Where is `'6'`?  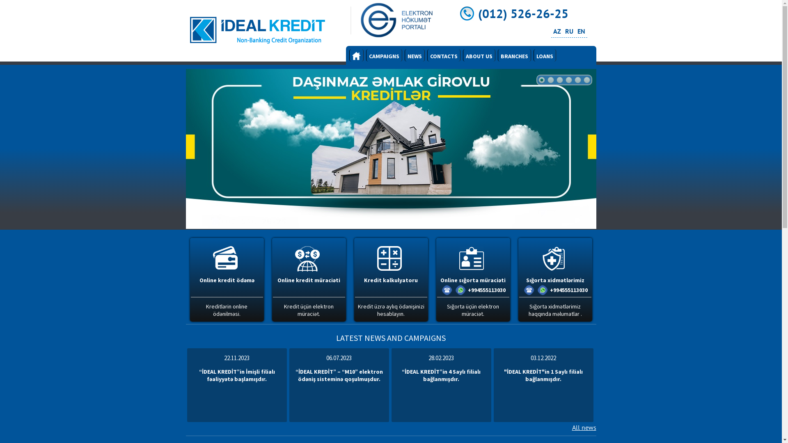
'6' is located at coordinates (586, 80).